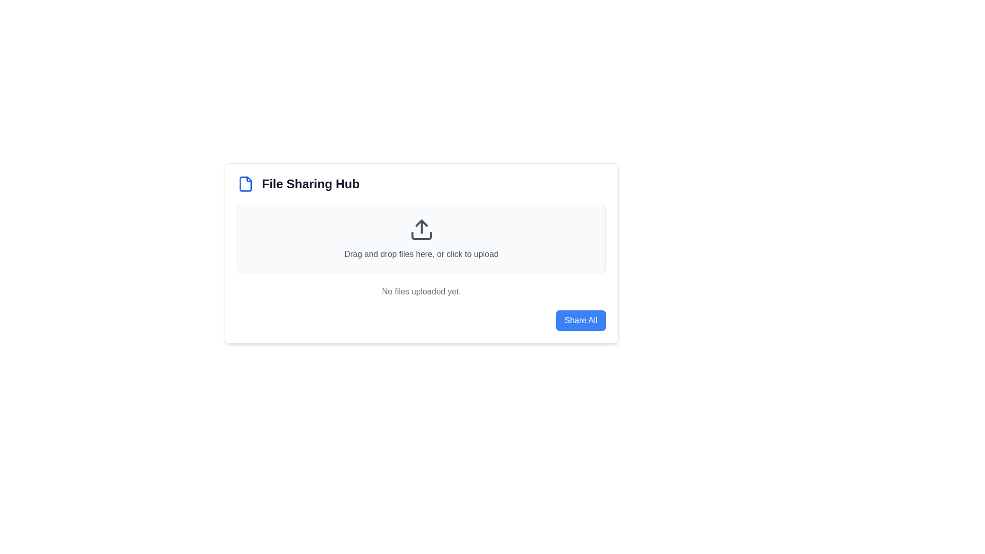 The image size is (985, 554). I want to click on the rounded rectangular button with a blue background and white text that states 'Share All', so click(581, 320).